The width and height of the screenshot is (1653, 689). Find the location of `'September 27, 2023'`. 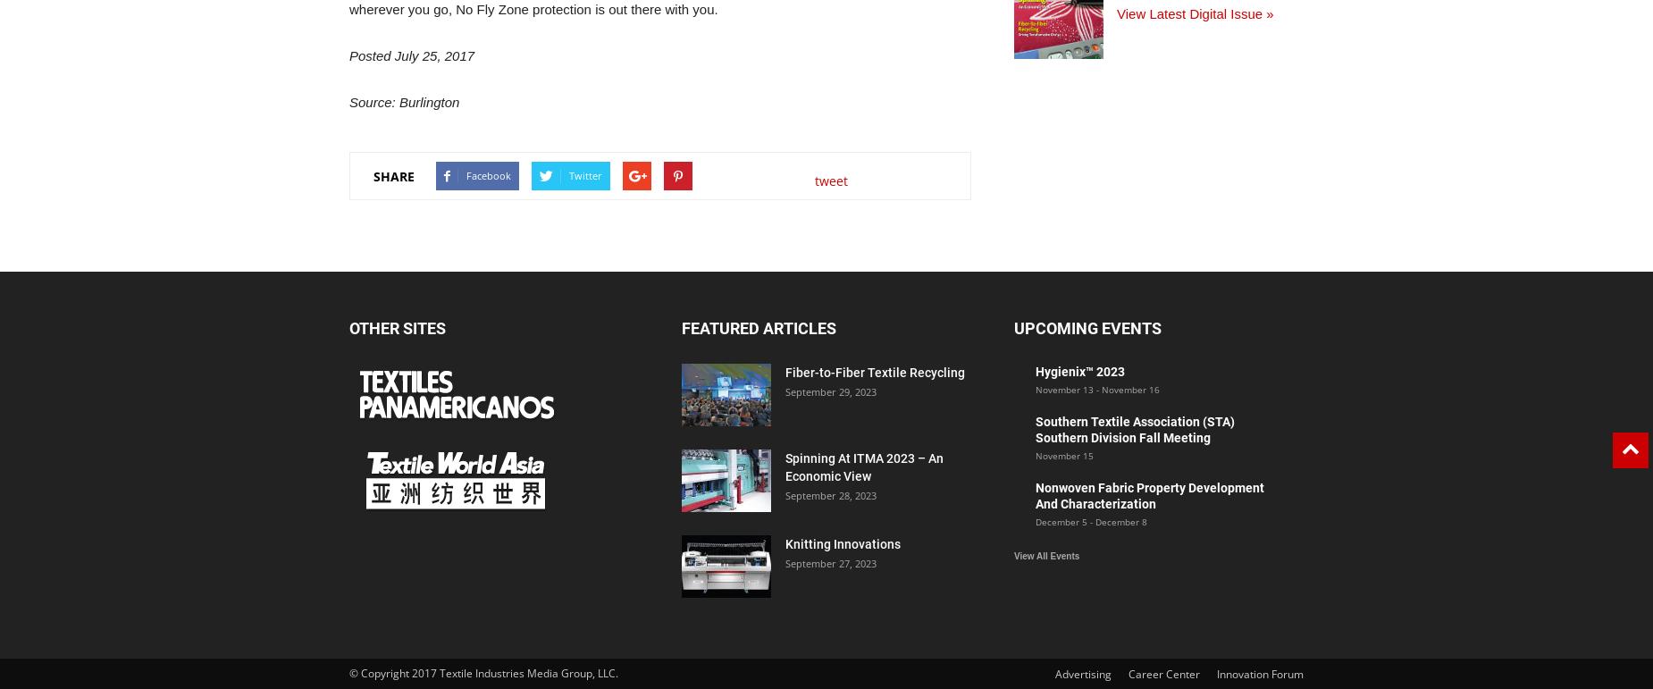

'September 27, 2023' is located at coordinates (829, 562).